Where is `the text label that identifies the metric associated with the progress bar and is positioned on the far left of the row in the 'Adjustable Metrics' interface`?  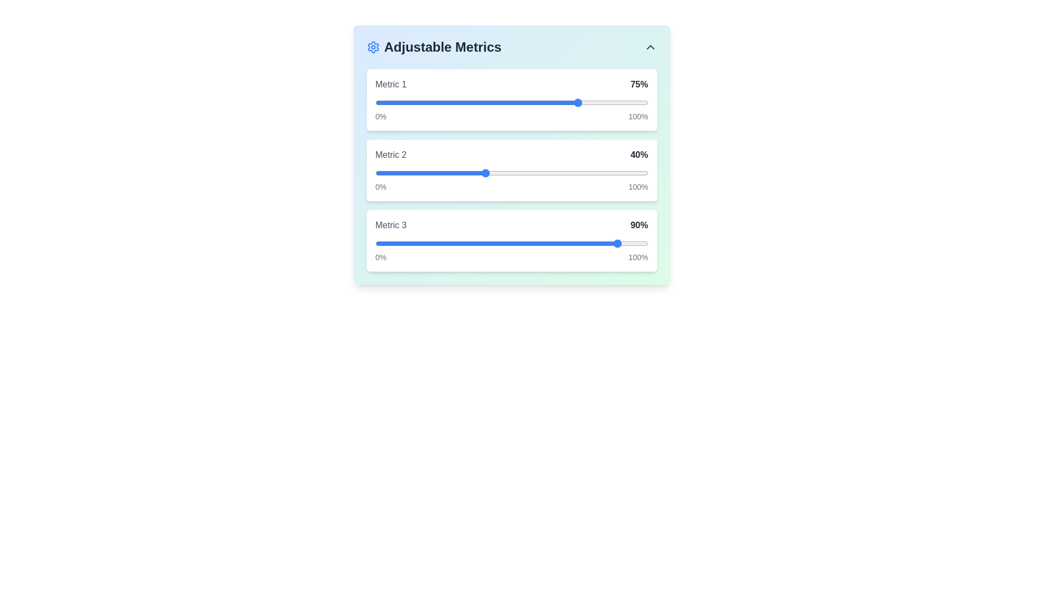 the text label that identifies the metric associated with the progress bar and is positioned on the far left of the row in the 'Adjustable Metrics' interface is located at coordinates (391, 84).